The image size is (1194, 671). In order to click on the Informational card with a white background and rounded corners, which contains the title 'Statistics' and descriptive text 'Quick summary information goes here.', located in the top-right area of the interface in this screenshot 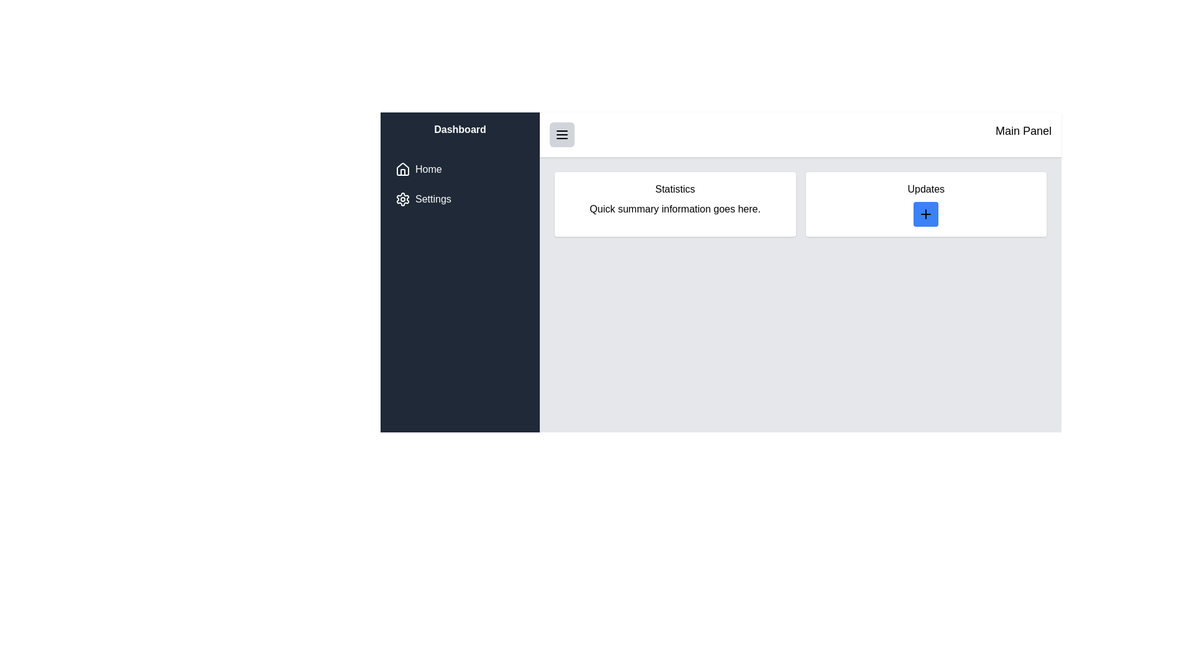, I will do `click(674, 203)`.